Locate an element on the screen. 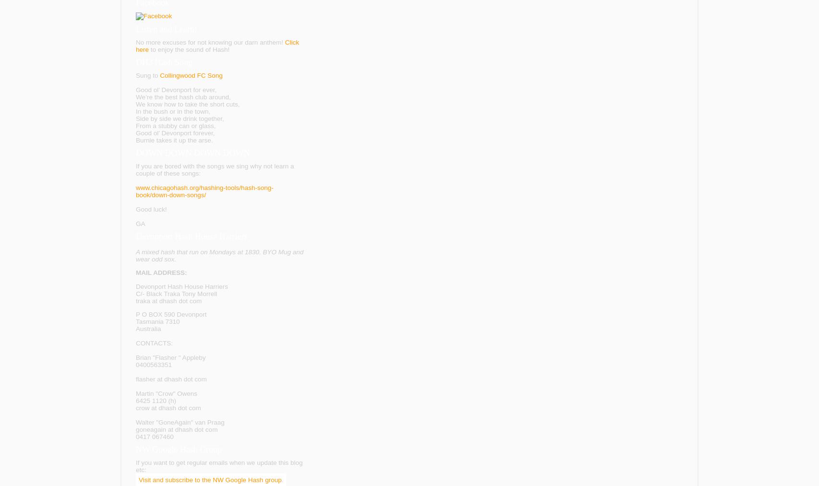  'Walter "GoneAgain" van Praag' is located at coordinates (180, 422).